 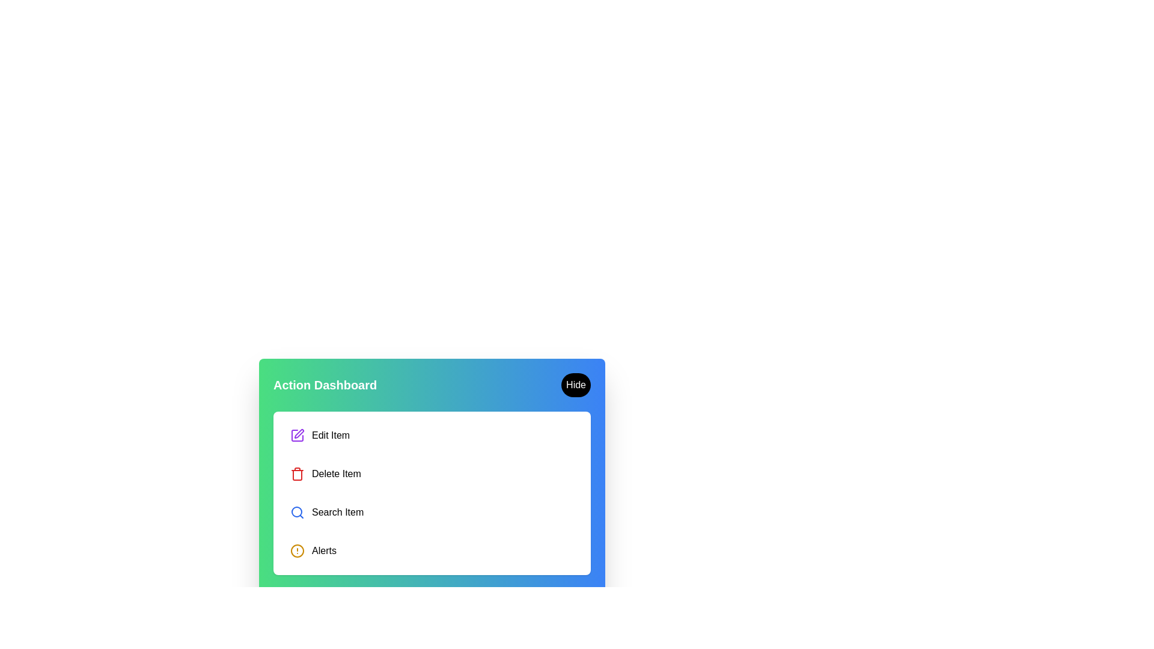 I want to click on the prominent button below the 'Action Dashboard' widget that allows the user to add a new item, so click(x=432, y=602).